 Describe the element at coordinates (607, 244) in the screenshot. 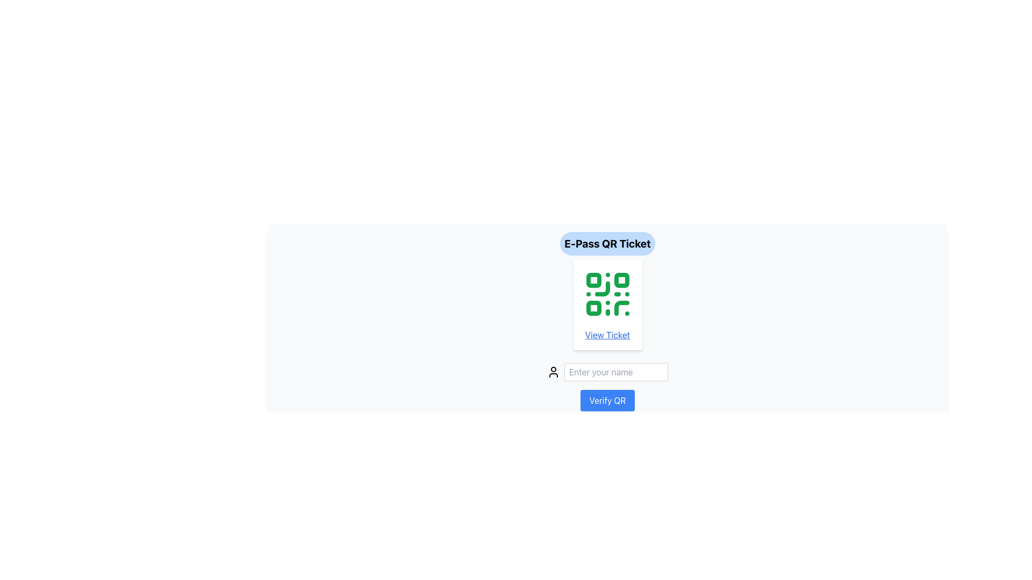

I see `the bold text label that reads 'E-Pass QR Ticket' with a blue background and white text, located at the top of a section above the QR code illustration` at that location.